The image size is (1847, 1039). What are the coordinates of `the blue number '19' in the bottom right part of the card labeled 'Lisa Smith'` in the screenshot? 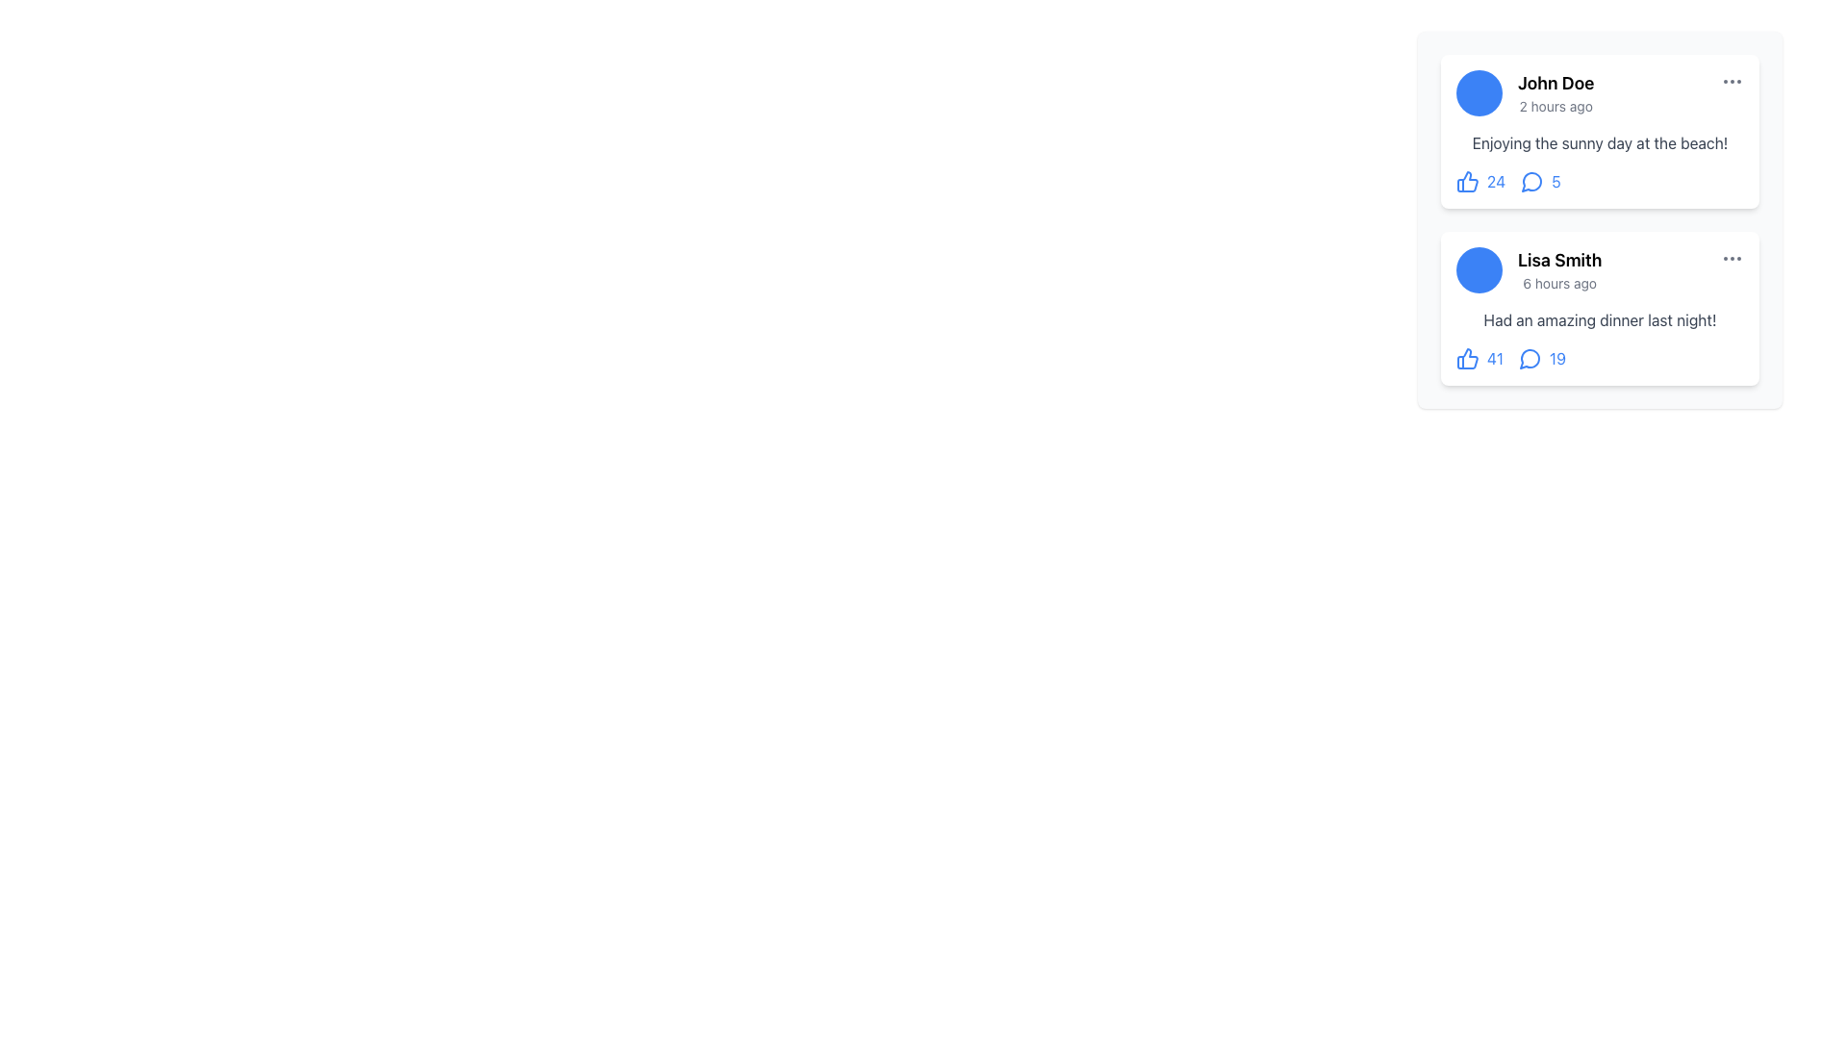 It's located at (1542, 359).